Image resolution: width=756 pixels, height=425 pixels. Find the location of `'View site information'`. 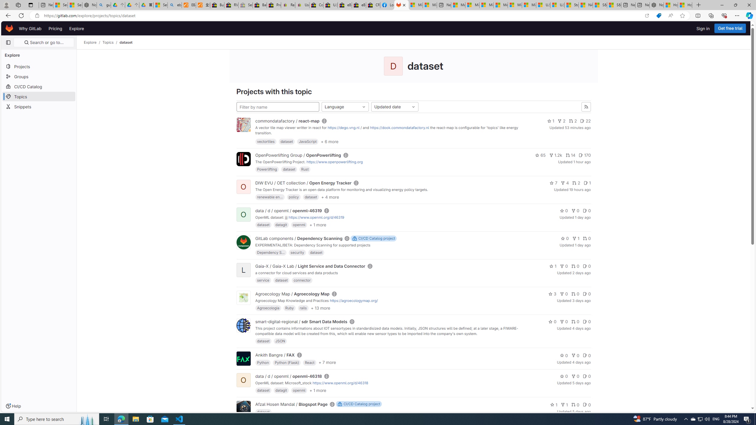

'View site information' is located at coordinates (37, 16).